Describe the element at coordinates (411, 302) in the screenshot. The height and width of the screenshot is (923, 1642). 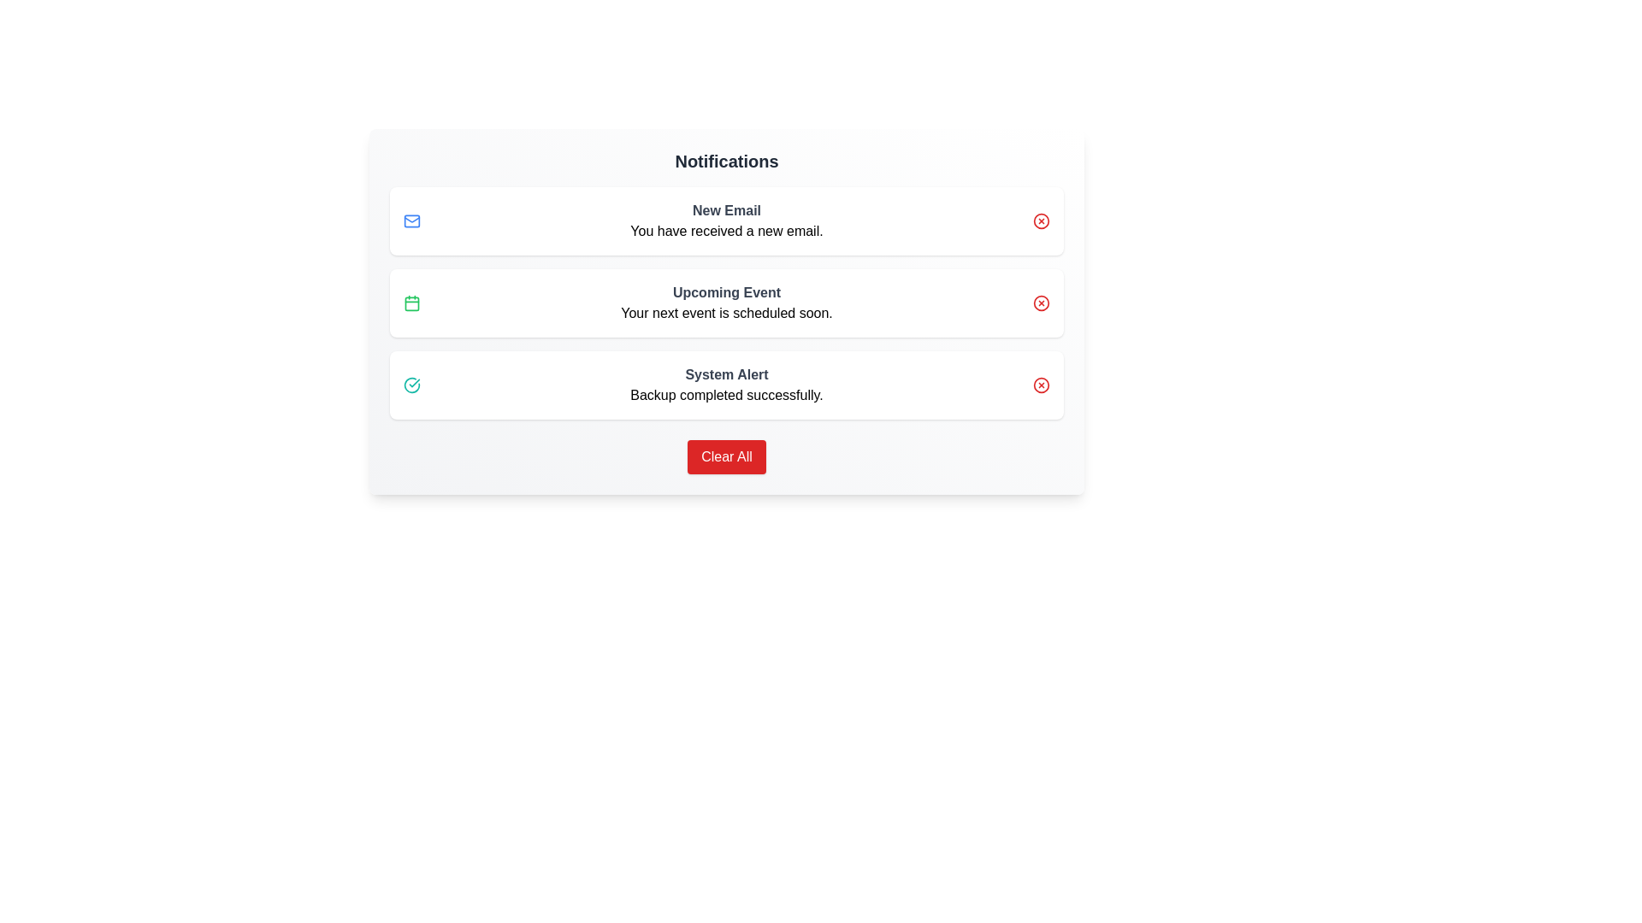
I see `the notification category icon located to the left of the 'Upcoming Event' text, which serves as a visual indicator for the notification type` at that location.